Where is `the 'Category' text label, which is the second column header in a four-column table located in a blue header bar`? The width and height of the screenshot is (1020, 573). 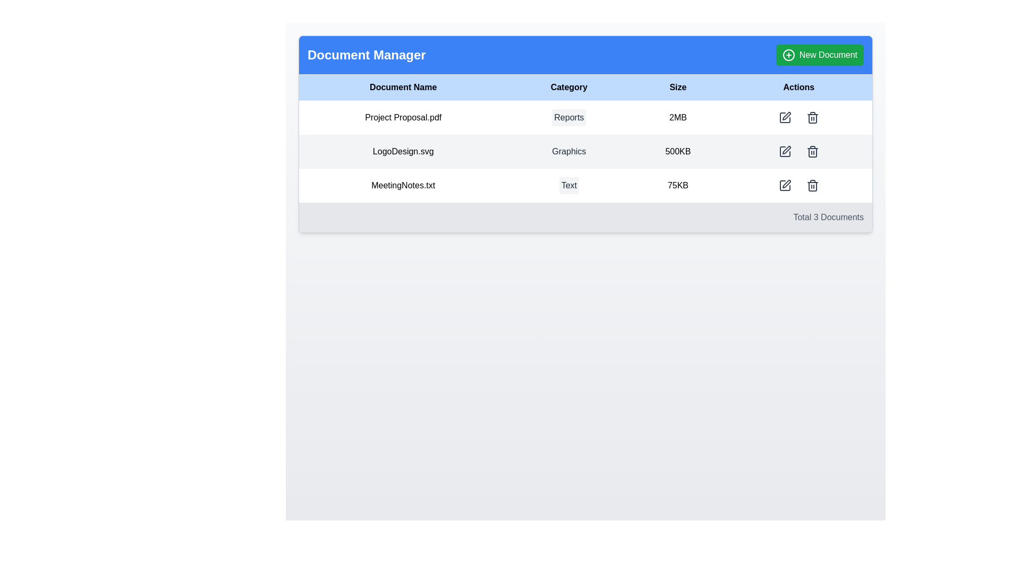
the 'Category' text label, which is the second column header in a four-column table located in a blue header bar is located at coordinates (568, 87).